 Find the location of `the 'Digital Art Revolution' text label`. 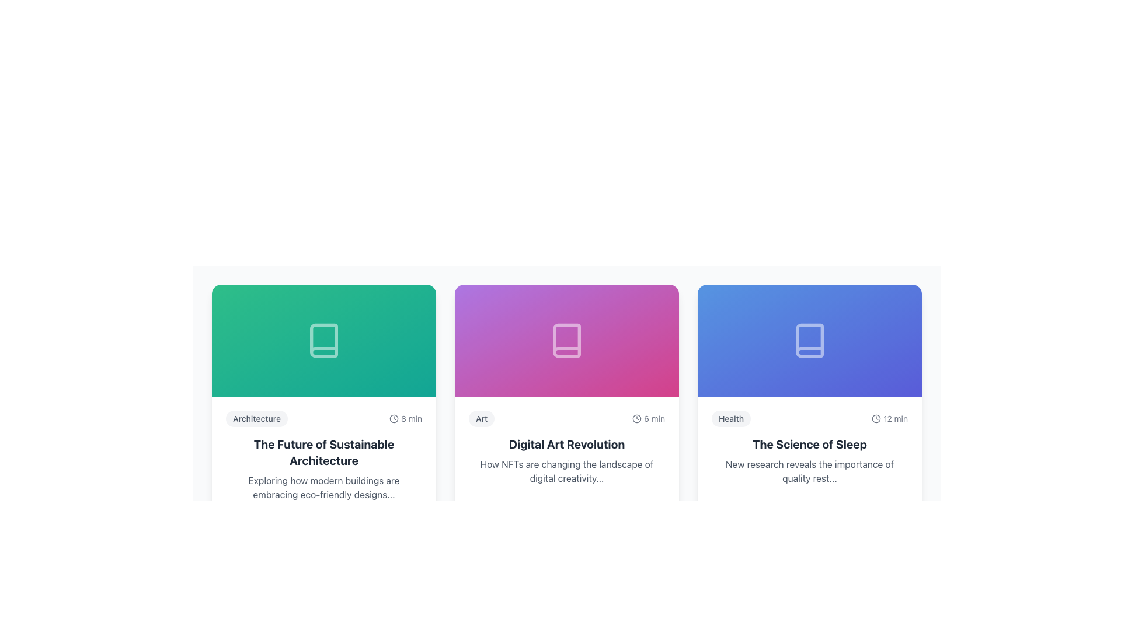

the 'Digital Art Revolution' text label is located at coordinates (566, 444).